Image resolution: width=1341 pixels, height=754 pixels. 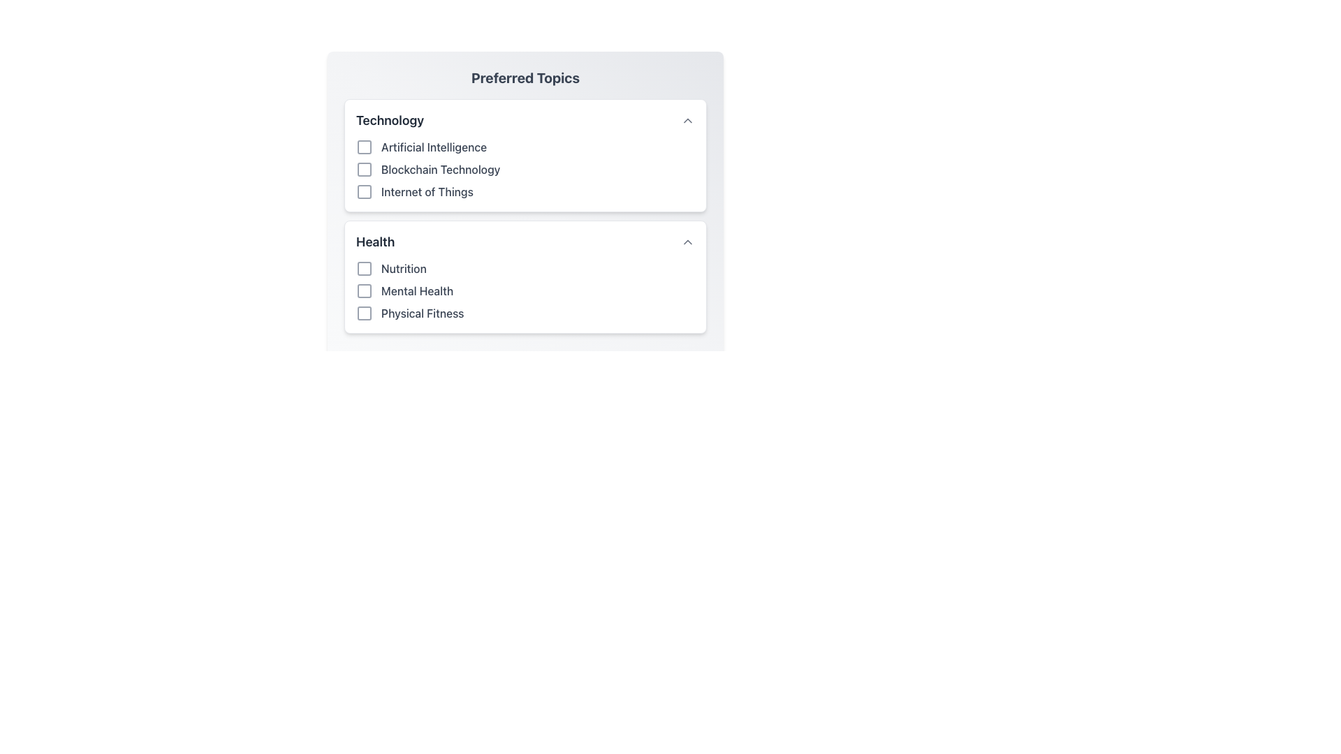 I want to click on descriptive text label located in the 'Health' category of the 'Preferred Topics' section, which is the third option and positioned to the right of an empty checkbox icon, so click(x=422, y=312).